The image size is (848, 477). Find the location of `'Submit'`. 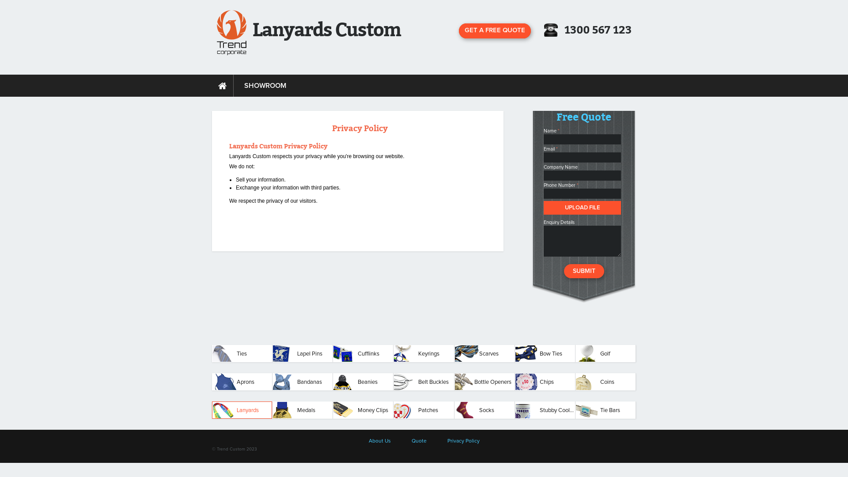

'Submit' is located at coordinates (563, 270).